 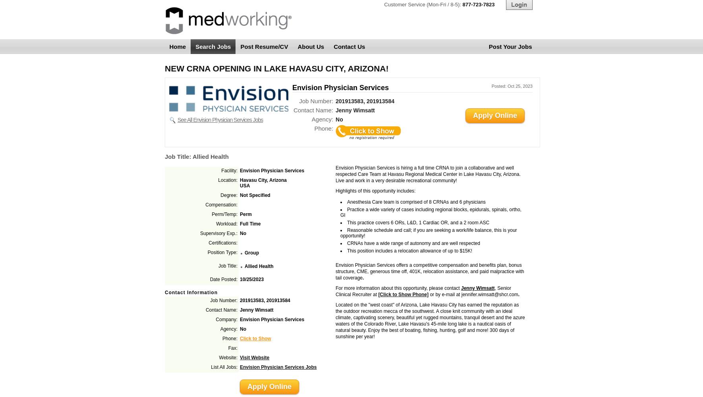 I want to click on 'Job Title:
	Allied Health', so click(x=164, y=156).